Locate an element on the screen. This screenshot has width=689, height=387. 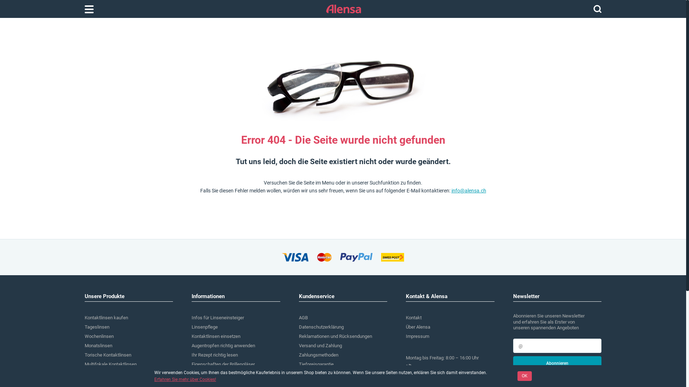
'Impressum' is located at coordinates (417, 336).